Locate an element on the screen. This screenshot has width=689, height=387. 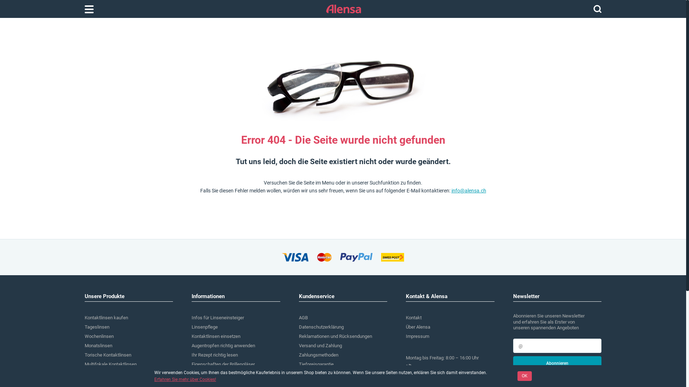
'Impressum' is located at coordinates (417, 336).